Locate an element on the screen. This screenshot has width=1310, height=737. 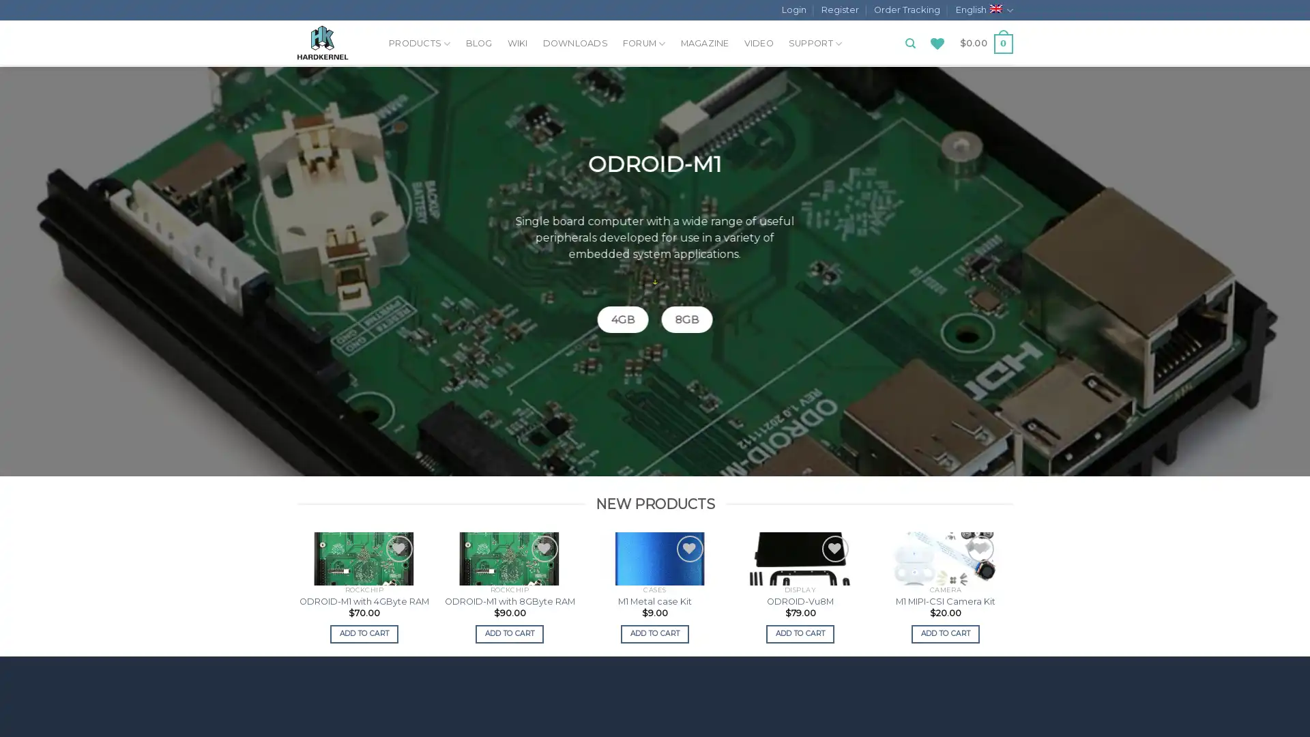
Wishlist is located at coordinates (979, 548).